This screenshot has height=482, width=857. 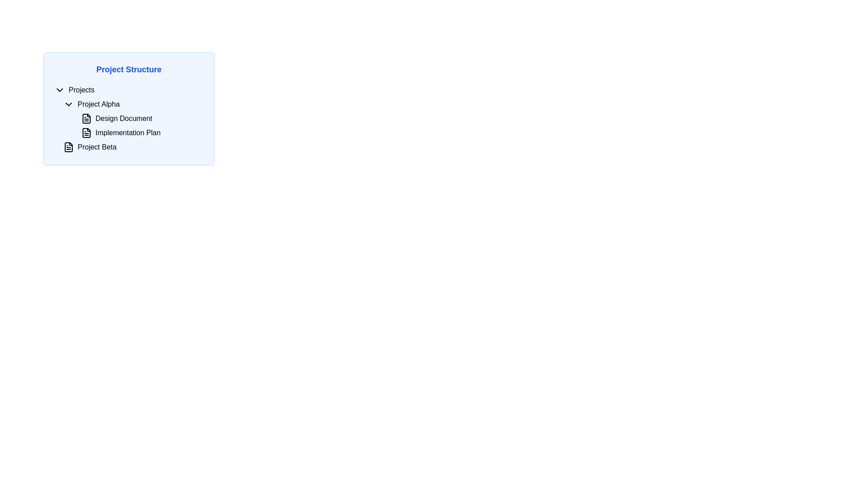 What do you see at coordinates (86, 133) in the screenshot?
I see `the icon representing the 'Implementation Plan' entry located in the expandable list under 'Project Alpha' in the 'Project Structure' section` at bounding box center [86, 133].